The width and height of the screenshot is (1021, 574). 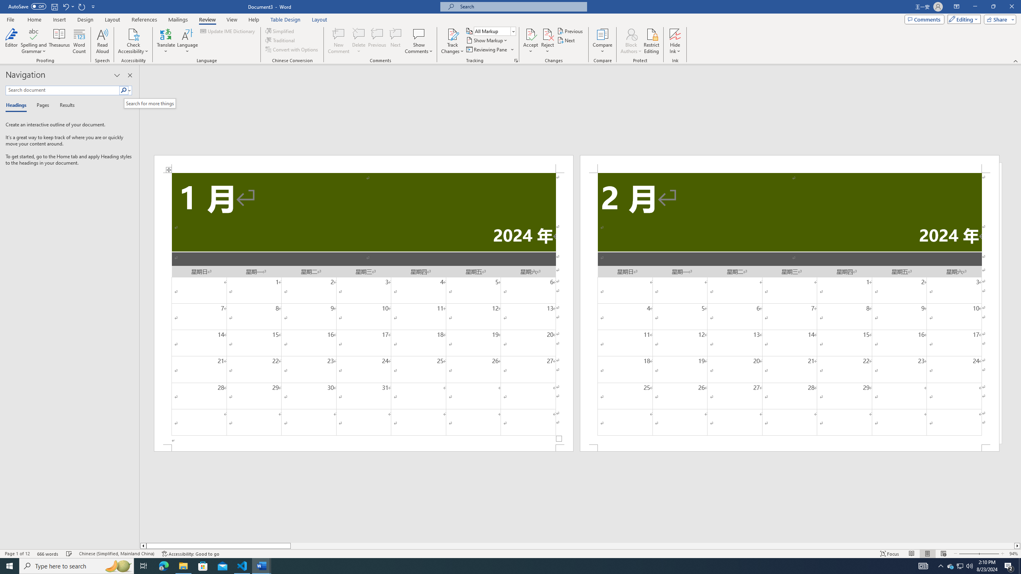 What do you see at coordinates (292, 49) in the screenshot?
I see `'Convert with Options...'` at bounding box center [292, 49].